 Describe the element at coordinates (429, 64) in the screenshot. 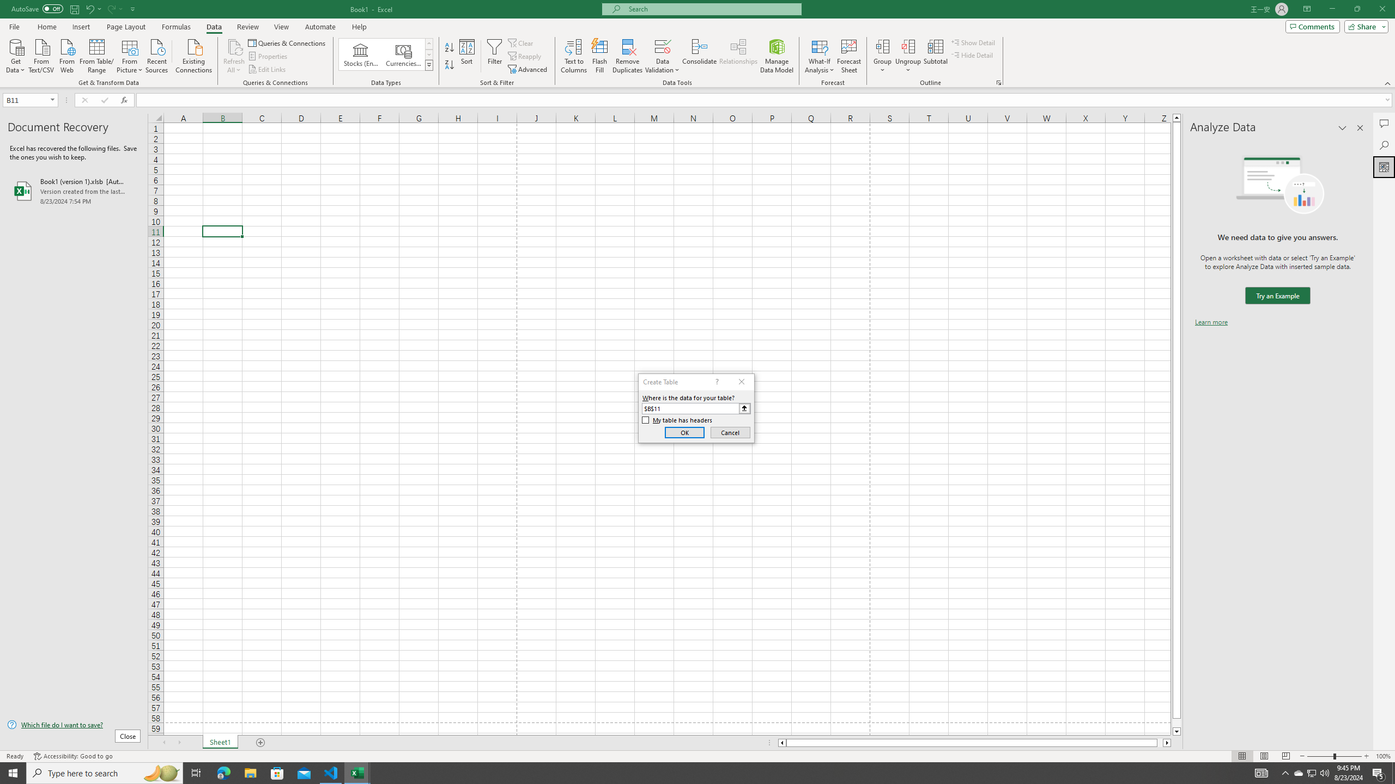

I see `'Data Types'` at that location.